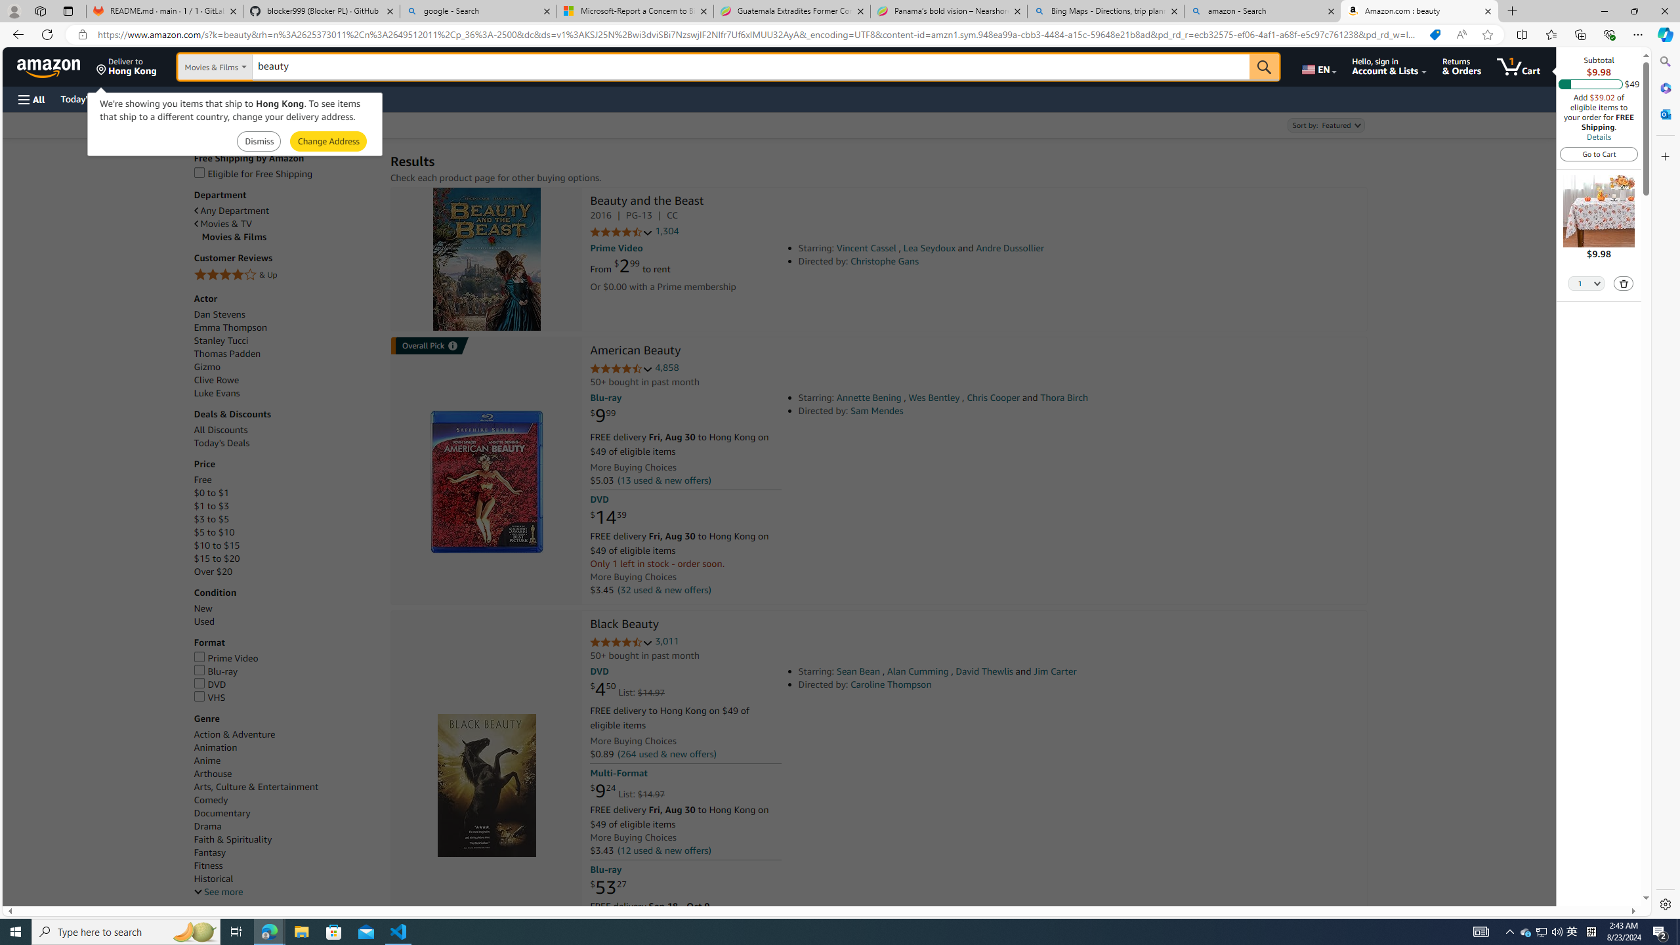 This screenshot has height=945, width=1680. I want to click on '$5 to $10', so click(285, 532).